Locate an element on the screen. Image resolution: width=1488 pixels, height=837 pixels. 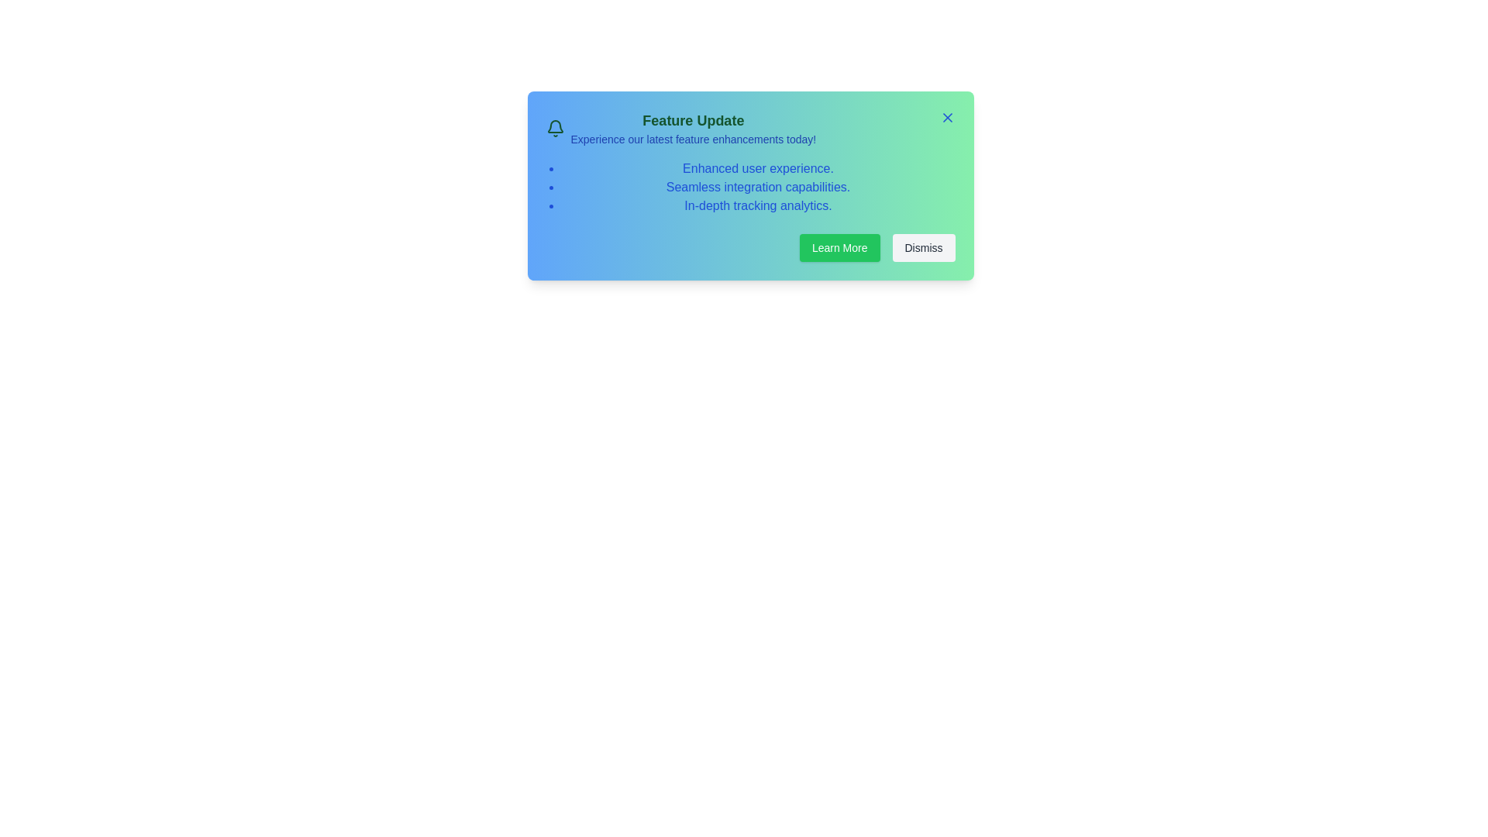
'Dismiss' button to close the alert is located at coordinates (923, 247).